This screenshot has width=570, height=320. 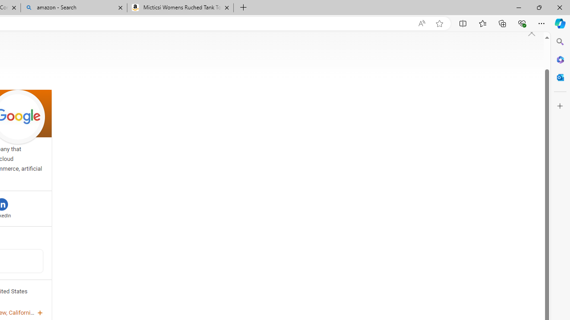 I want to click on 'Minimize', so click(x=518, y=7).